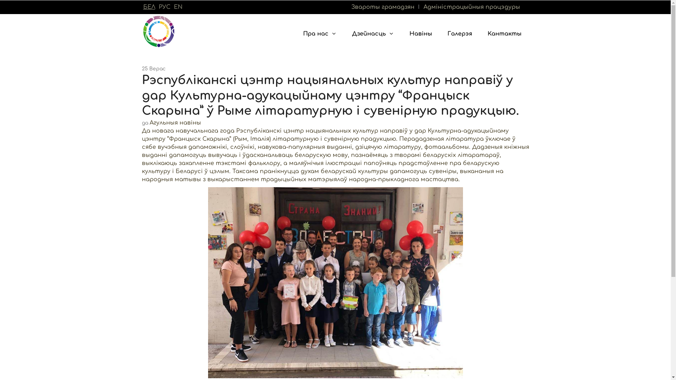 This screenshot has height=380, width=676. Describe the element at coordinates (178, 7) in the screenshot. I see `'EN'` at that location.